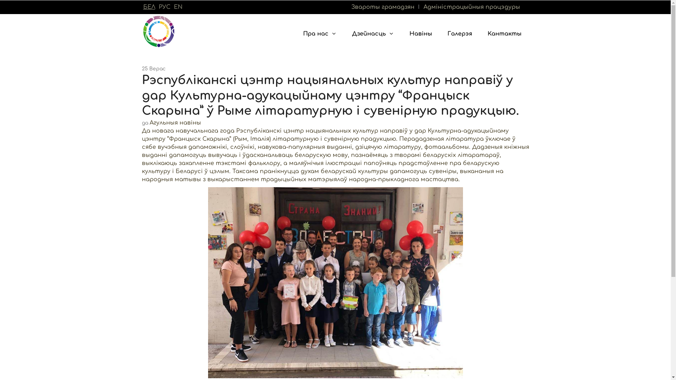 This screenshot has height=380, width=676. Describe the element at coordinates (178, 7) in the screenshot. I see `'EN'` at that location.